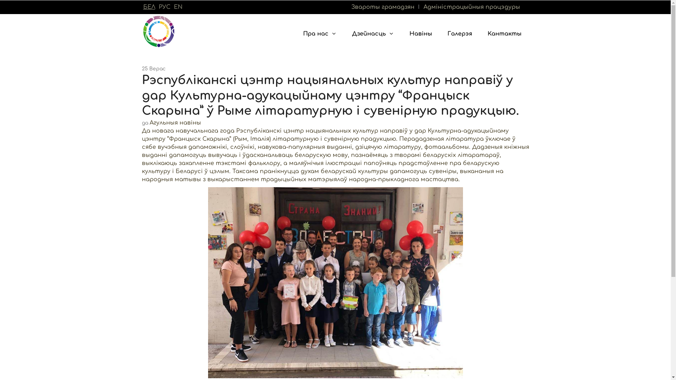 This screenshot has height=380, width=676. Describe the element at coordinates (178, 7) in the screenshot. I see `'EN'` at that location.